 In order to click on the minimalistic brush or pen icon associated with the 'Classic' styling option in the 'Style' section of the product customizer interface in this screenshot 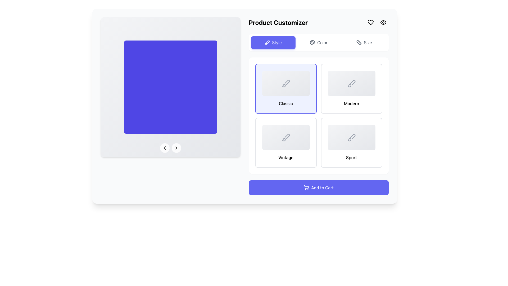, I will do `click(287, 82)`.